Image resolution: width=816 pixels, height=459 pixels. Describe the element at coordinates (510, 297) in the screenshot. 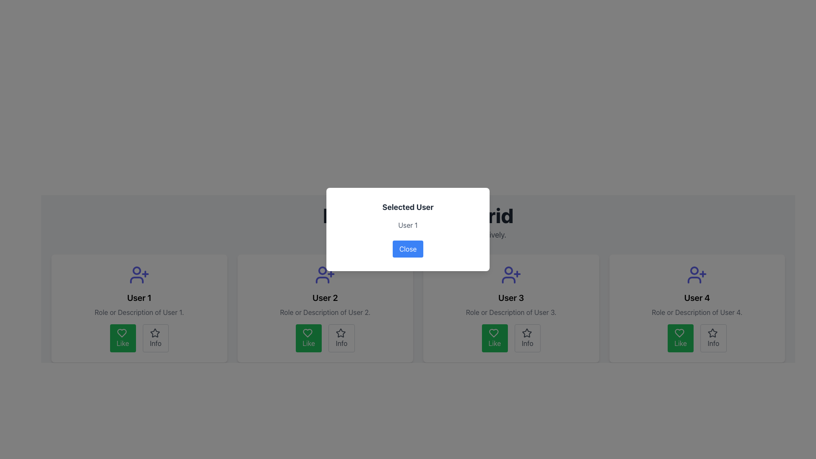

I see `the user name label located centrally within the user profile card, which is the third card in a row of user cards` at that location.